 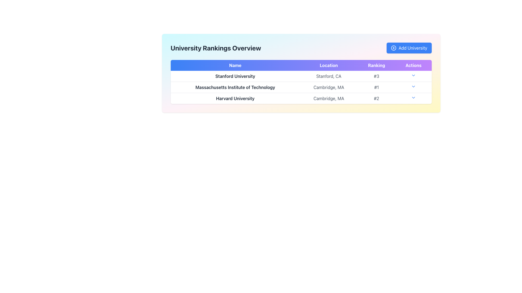 What do you see at coordinates (376, 87) in the screenshot?
I see `the Text Label indicating the ranking position '#1' for 'Massachusetts Institute of Technology' in the university ranking table, located in the 'Ranking' column` at bounding box center [376, 87].